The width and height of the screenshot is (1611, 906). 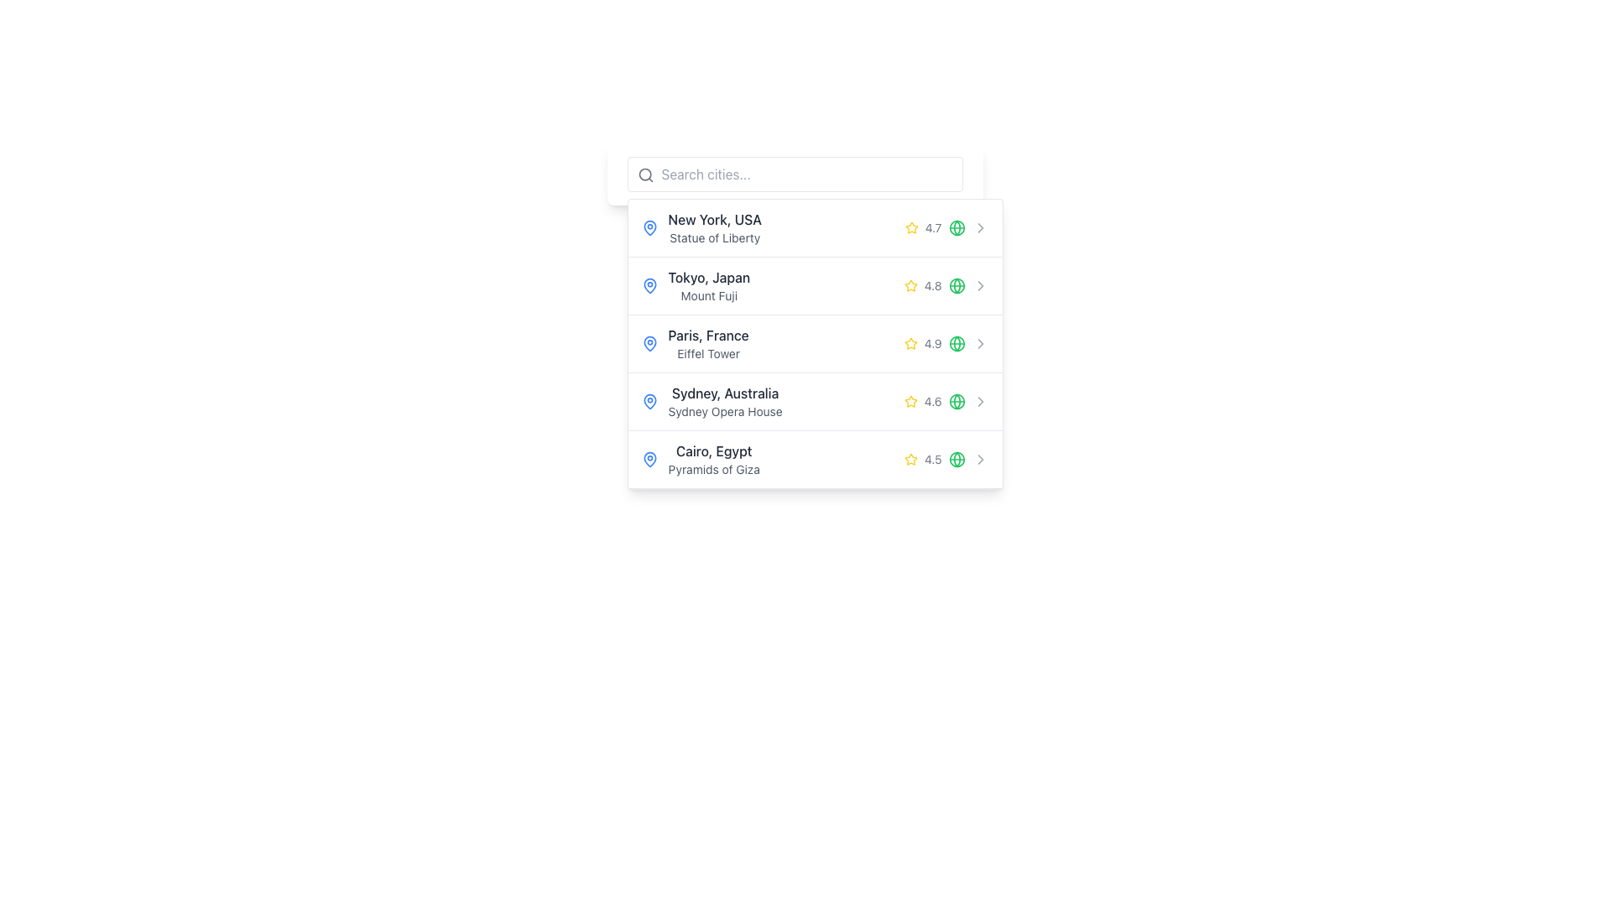 What do you see at coordinates (932, 342) in the screenshot?
I see `the static text field displaying the rating value '4.9', which is styled in a small gray font and located to the right of a yellow star icon for the 'Paris, France - Eiffel Tower' entry` at bounding box center [932, 342].